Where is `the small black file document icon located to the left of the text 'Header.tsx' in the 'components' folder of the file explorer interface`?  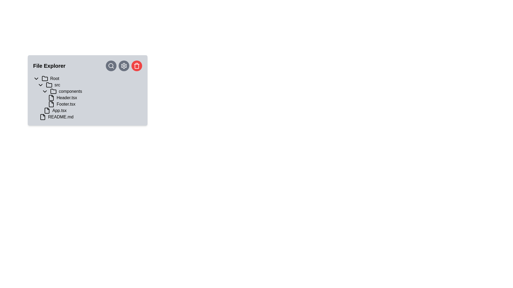 the small black file document icon located to the left of the text 'Header.tsx' in the 'components' folder of the file explorer interface is located at coordinates (51, 98).